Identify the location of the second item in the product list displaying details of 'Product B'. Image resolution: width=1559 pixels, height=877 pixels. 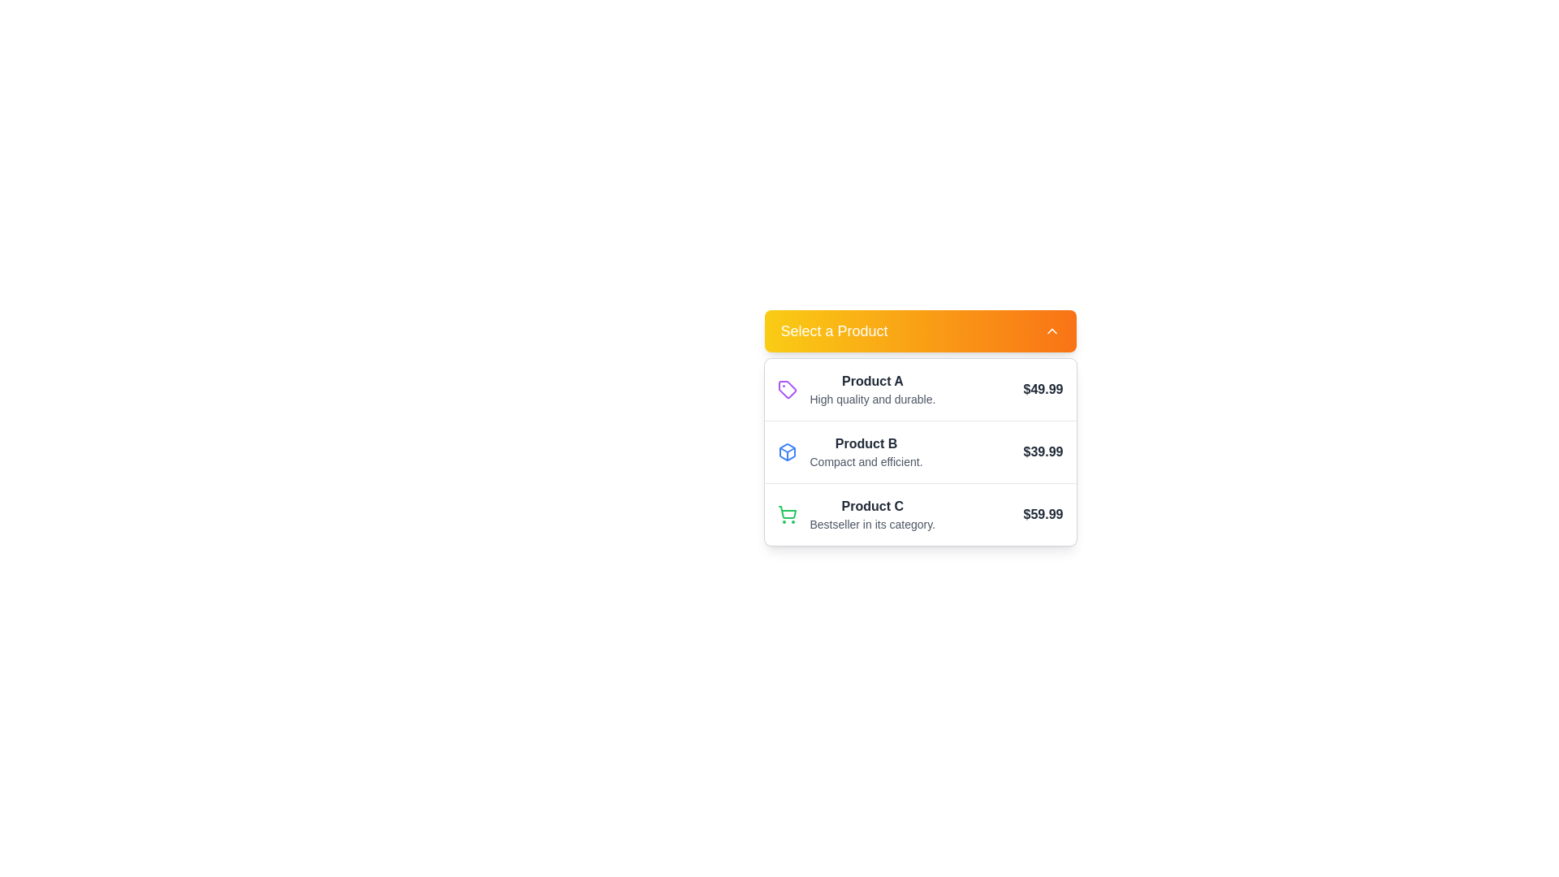
(920, 451).